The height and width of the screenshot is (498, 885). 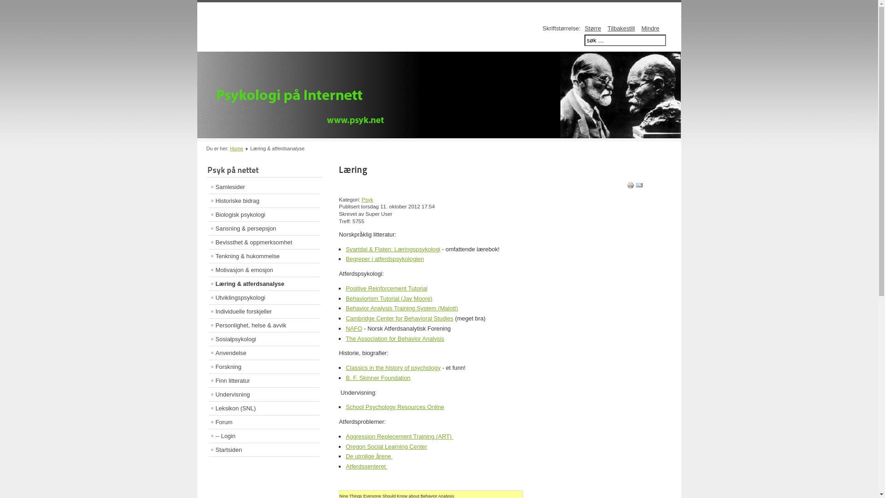 I want to click on 'Psyk', so click(x=361, y=199).